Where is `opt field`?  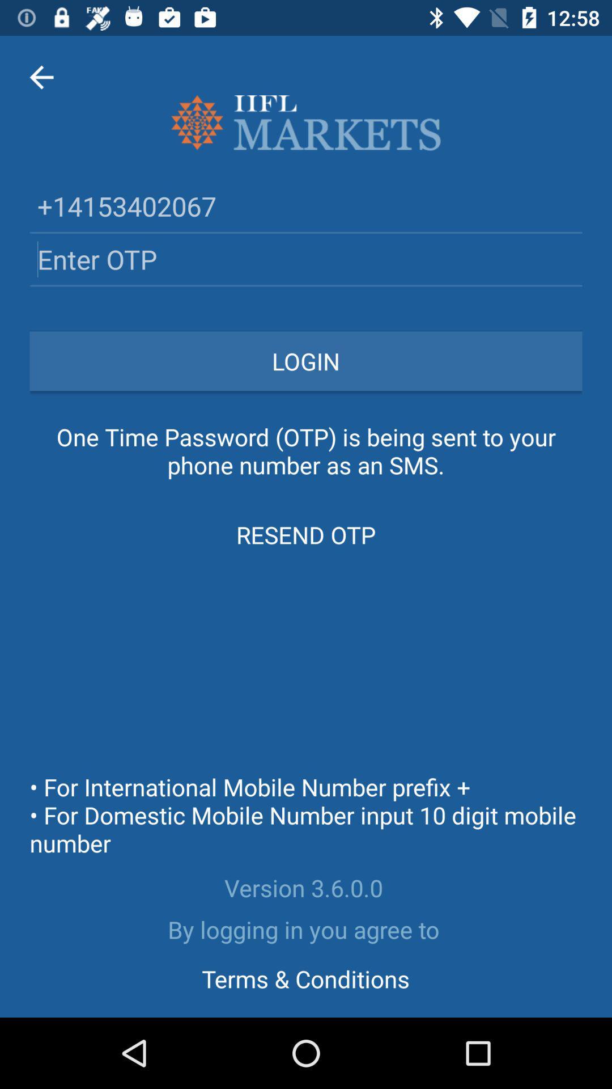
opt field is located at coordinates (306, 259).